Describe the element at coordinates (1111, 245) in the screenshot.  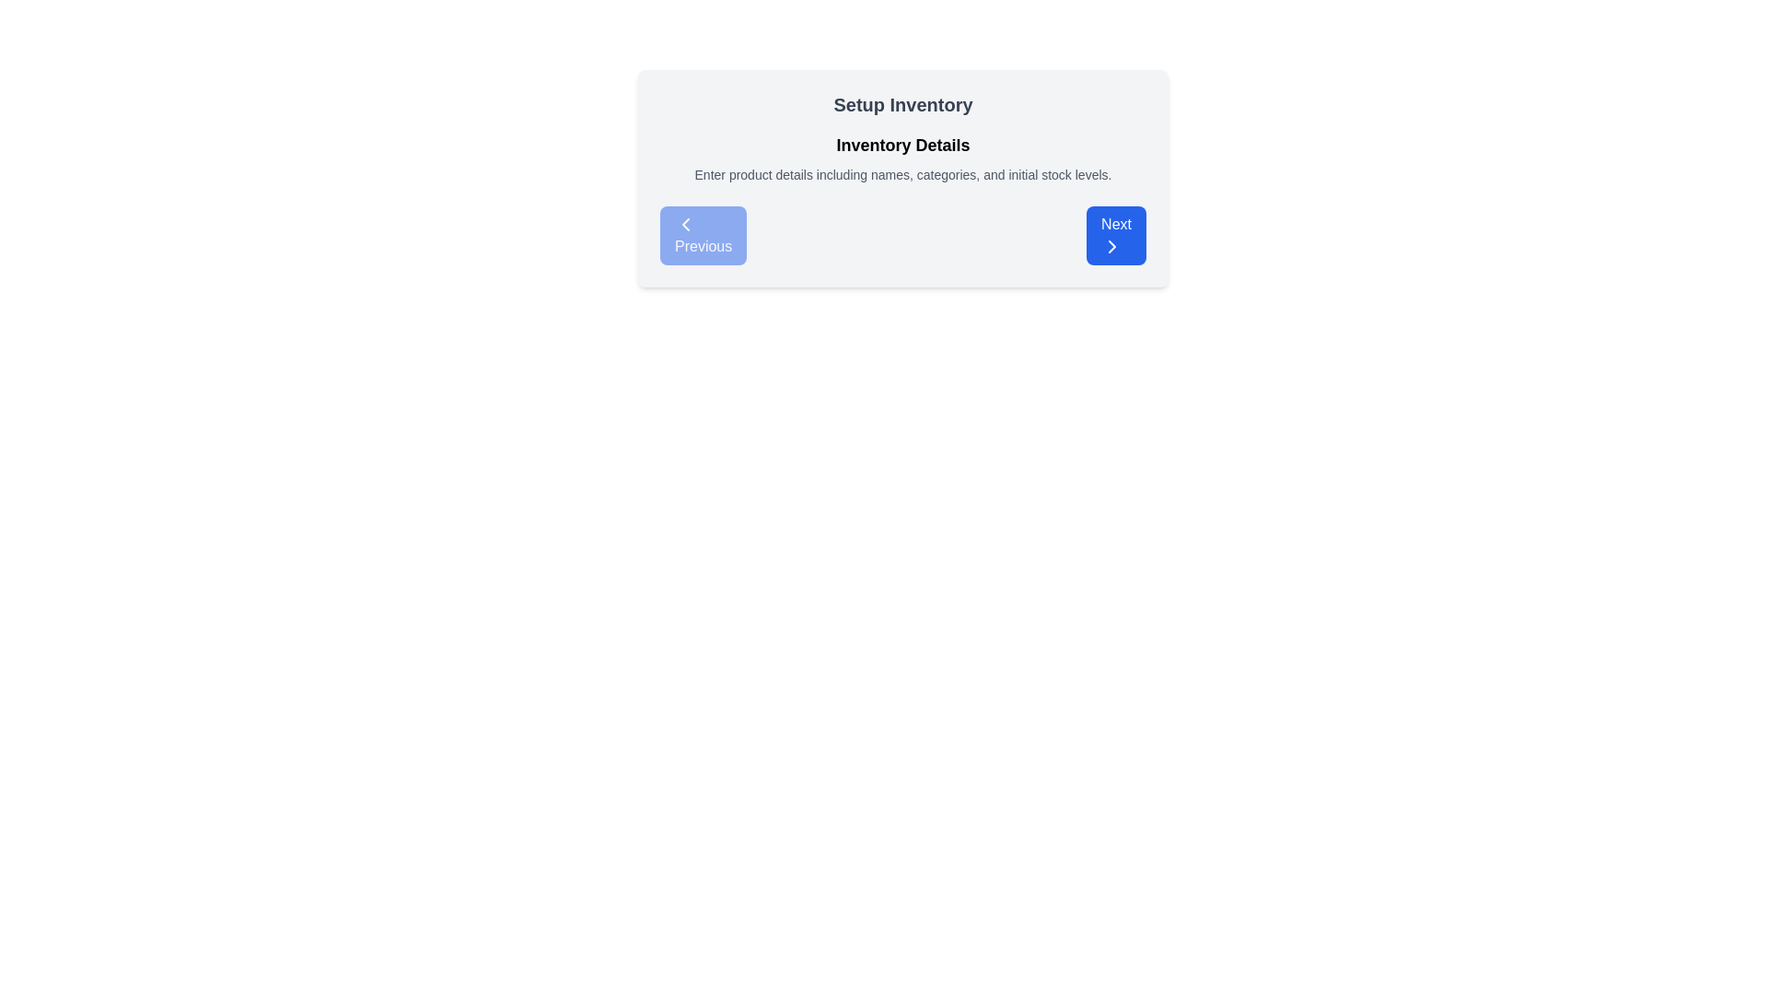
I see `the rightward arrow icon within the blue 'Next' button, which is centrally positioned and labeled, located in the bottom-right quadrant of the modal` at that location.